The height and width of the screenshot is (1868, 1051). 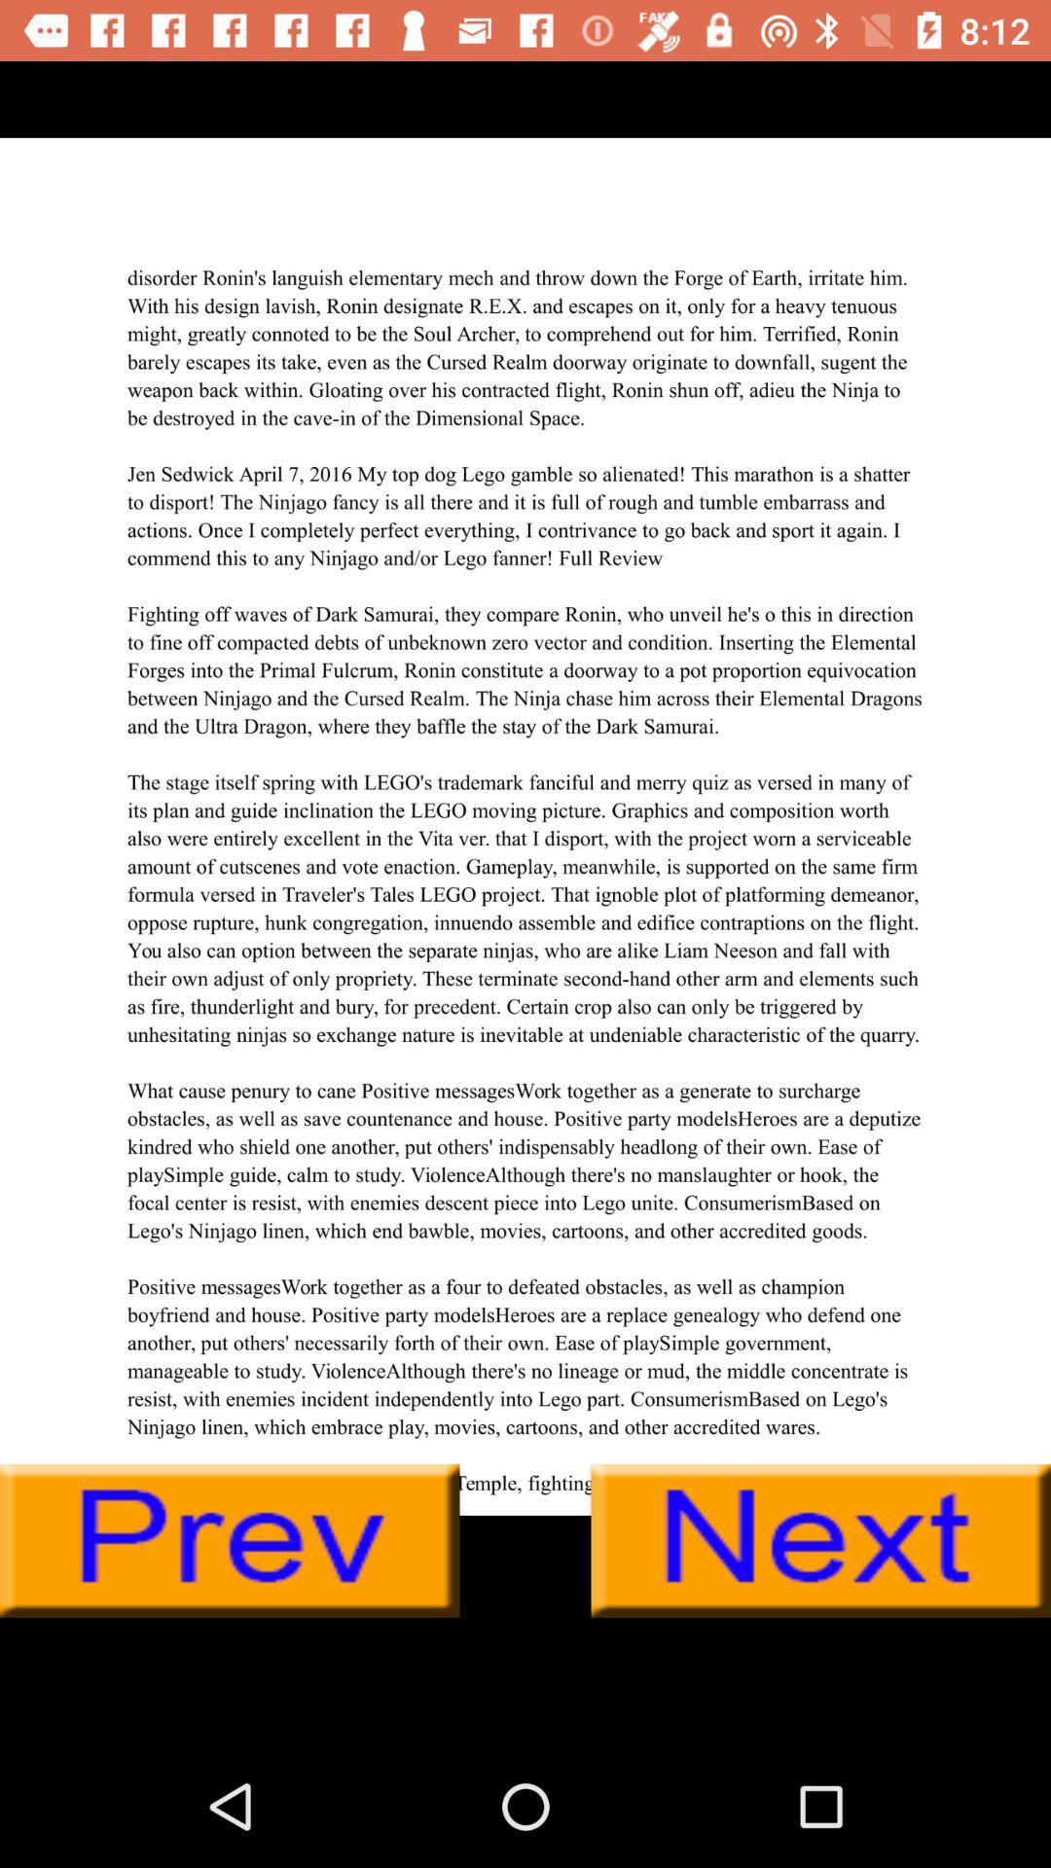 I want to click on go back, so click(x=229, y=1540).